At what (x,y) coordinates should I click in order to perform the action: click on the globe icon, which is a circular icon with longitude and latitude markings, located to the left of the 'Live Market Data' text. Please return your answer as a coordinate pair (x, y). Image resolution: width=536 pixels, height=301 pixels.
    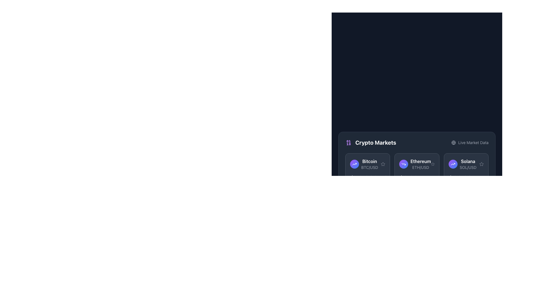
    Looking at the image, I should click on (454, 142).